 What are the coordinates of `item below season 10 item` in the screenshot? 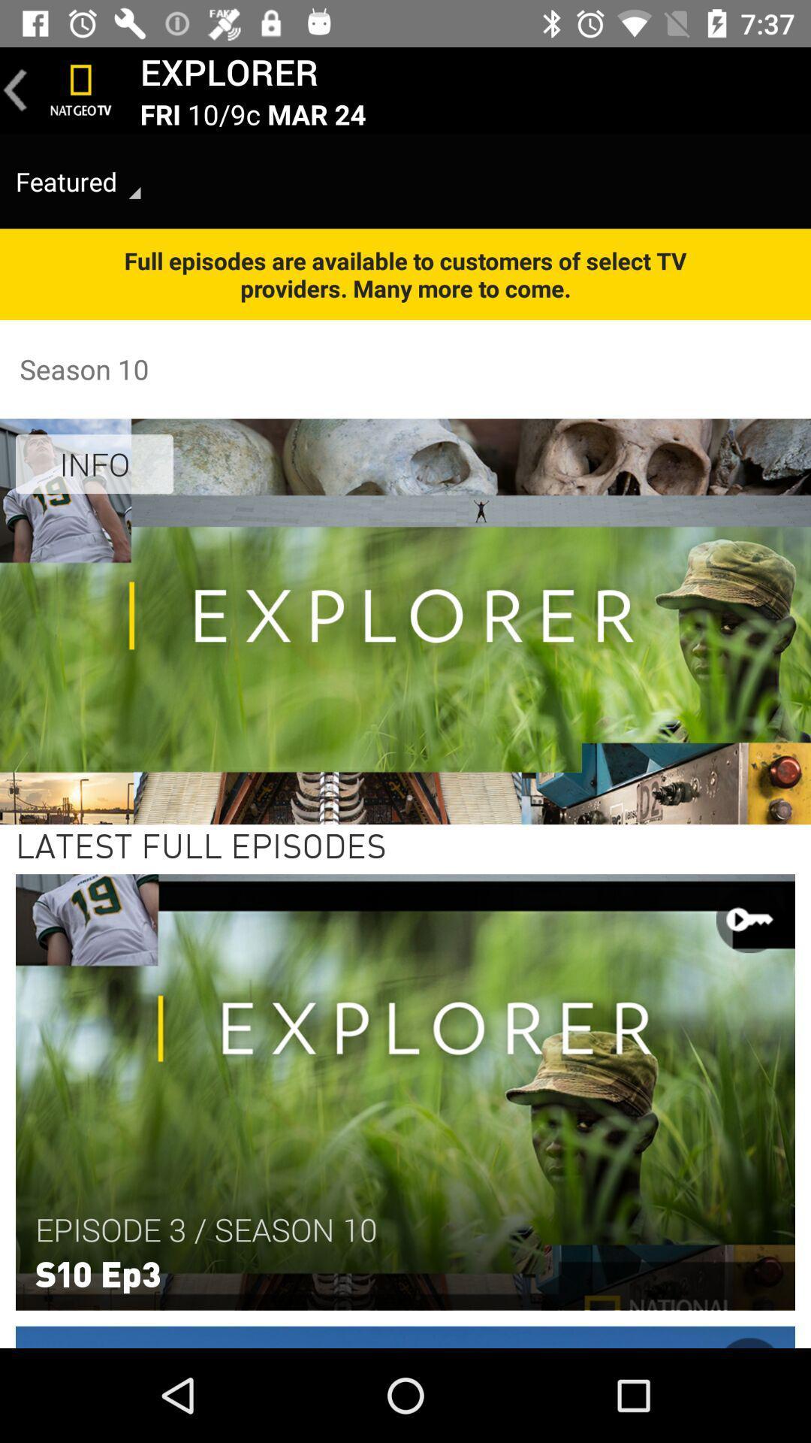 It's located at (95, 463).